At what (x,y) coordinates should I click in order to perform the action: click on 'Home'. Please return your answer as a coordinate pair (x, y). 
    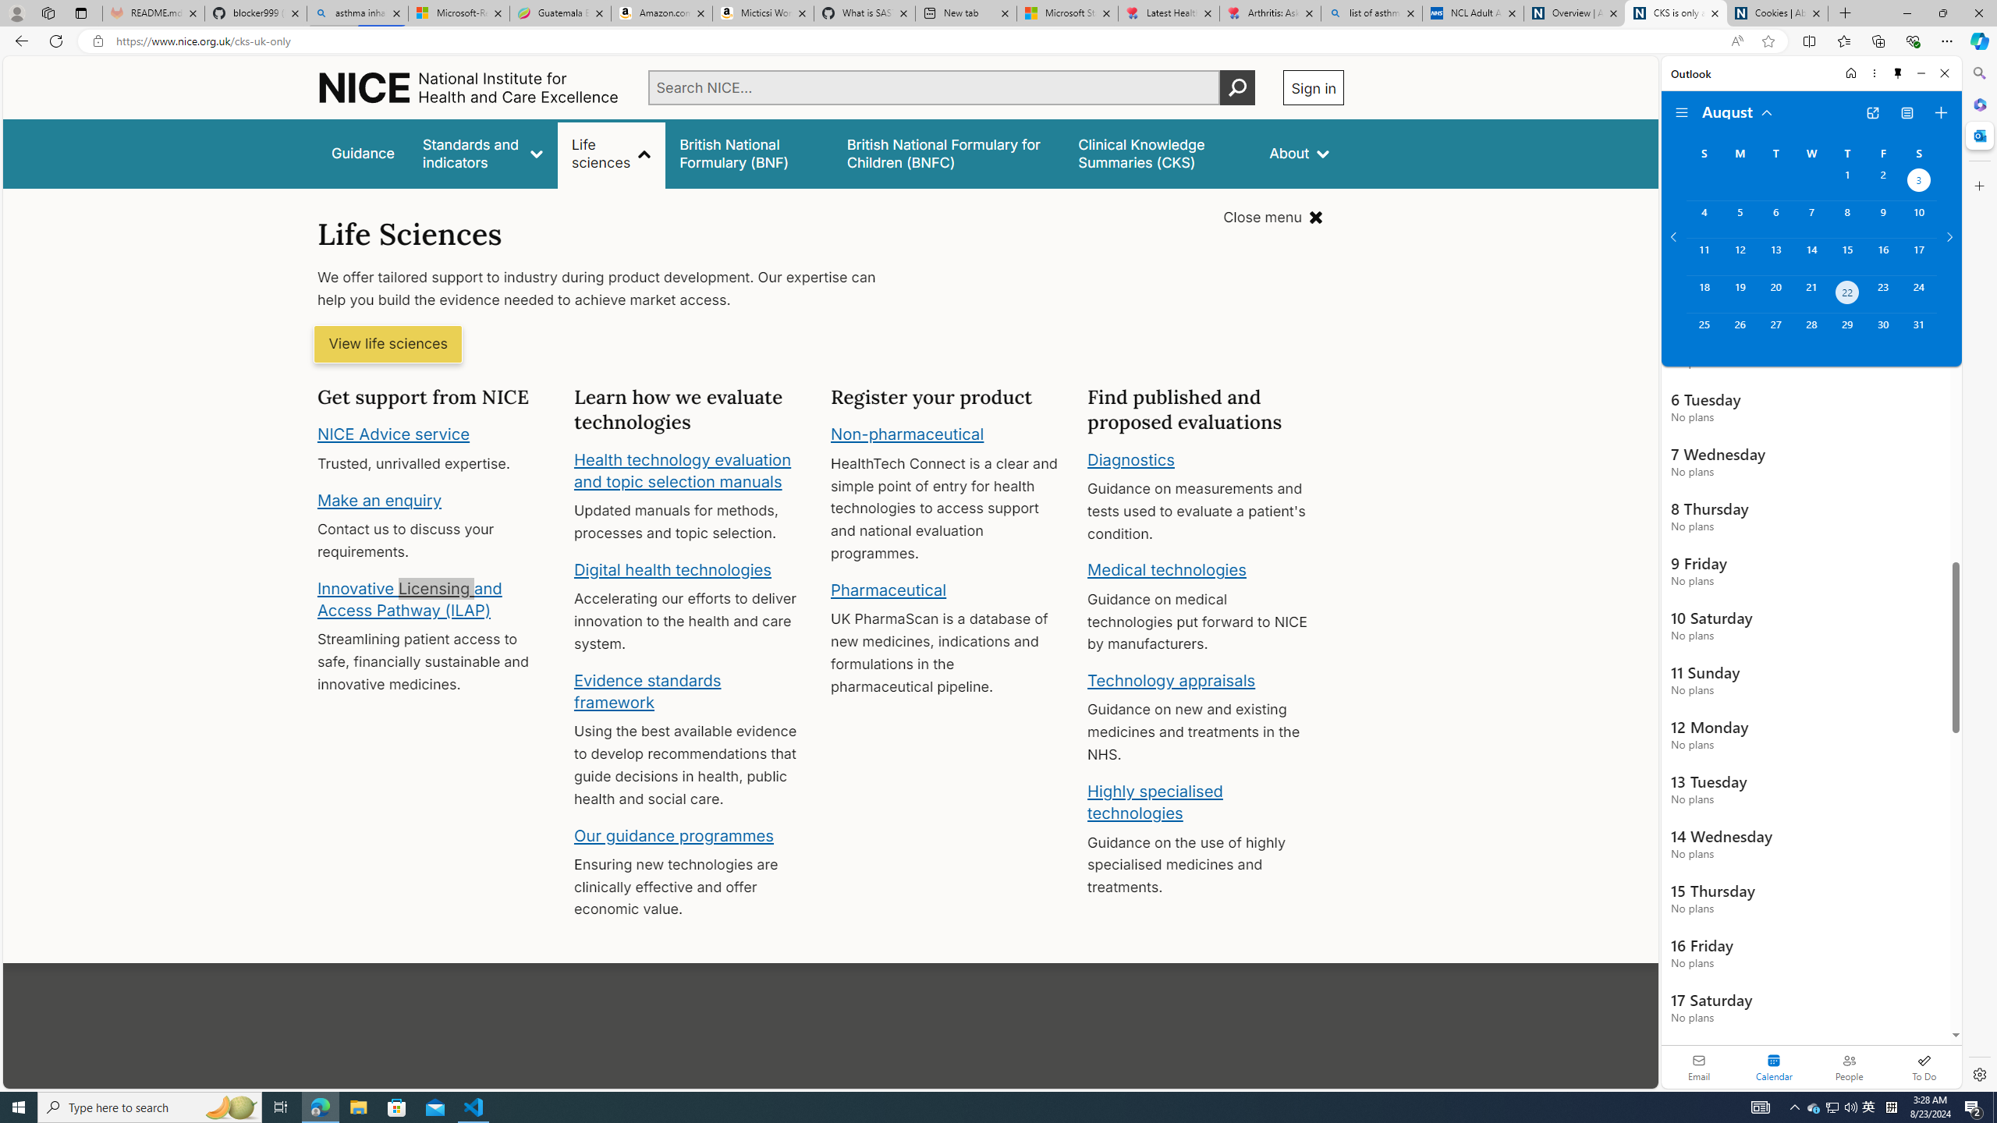
    Looking at the image, I should click on (1850, 73).